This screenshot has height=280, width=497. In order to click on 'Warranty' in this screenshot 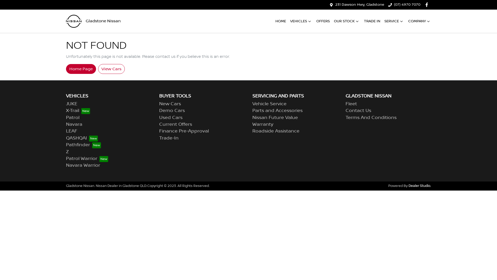, I will do `click(263, 124)`.